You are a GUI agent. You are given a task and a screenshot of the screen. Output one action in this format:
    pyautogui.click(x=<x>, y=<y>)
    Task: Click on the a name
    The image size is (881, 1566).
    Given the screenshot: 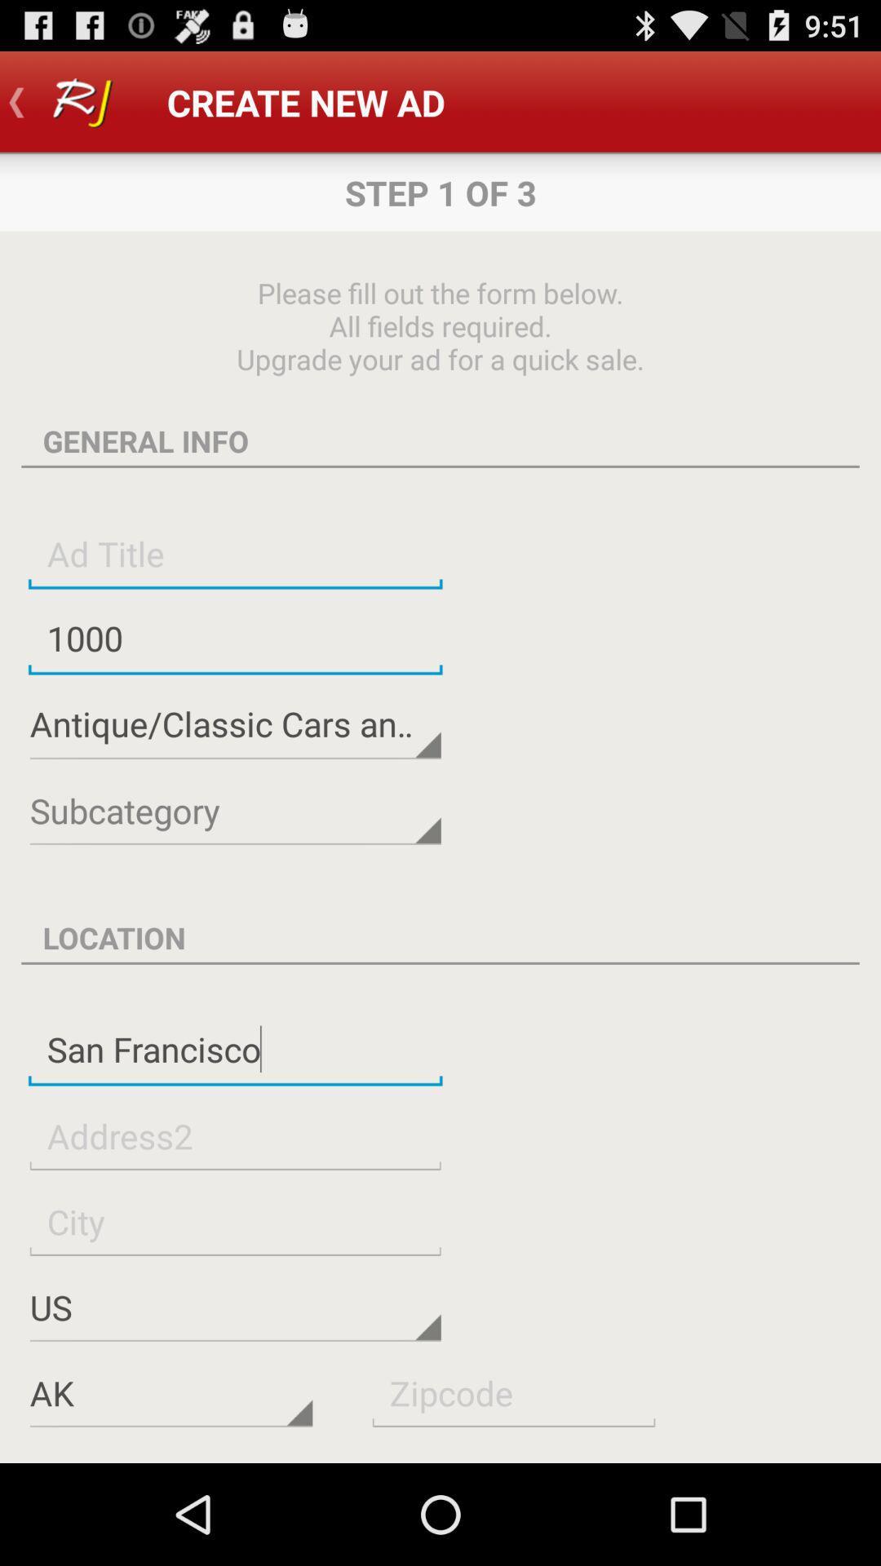 What is the action you would take?
    pyautogui.click(x=235, y=553)
    